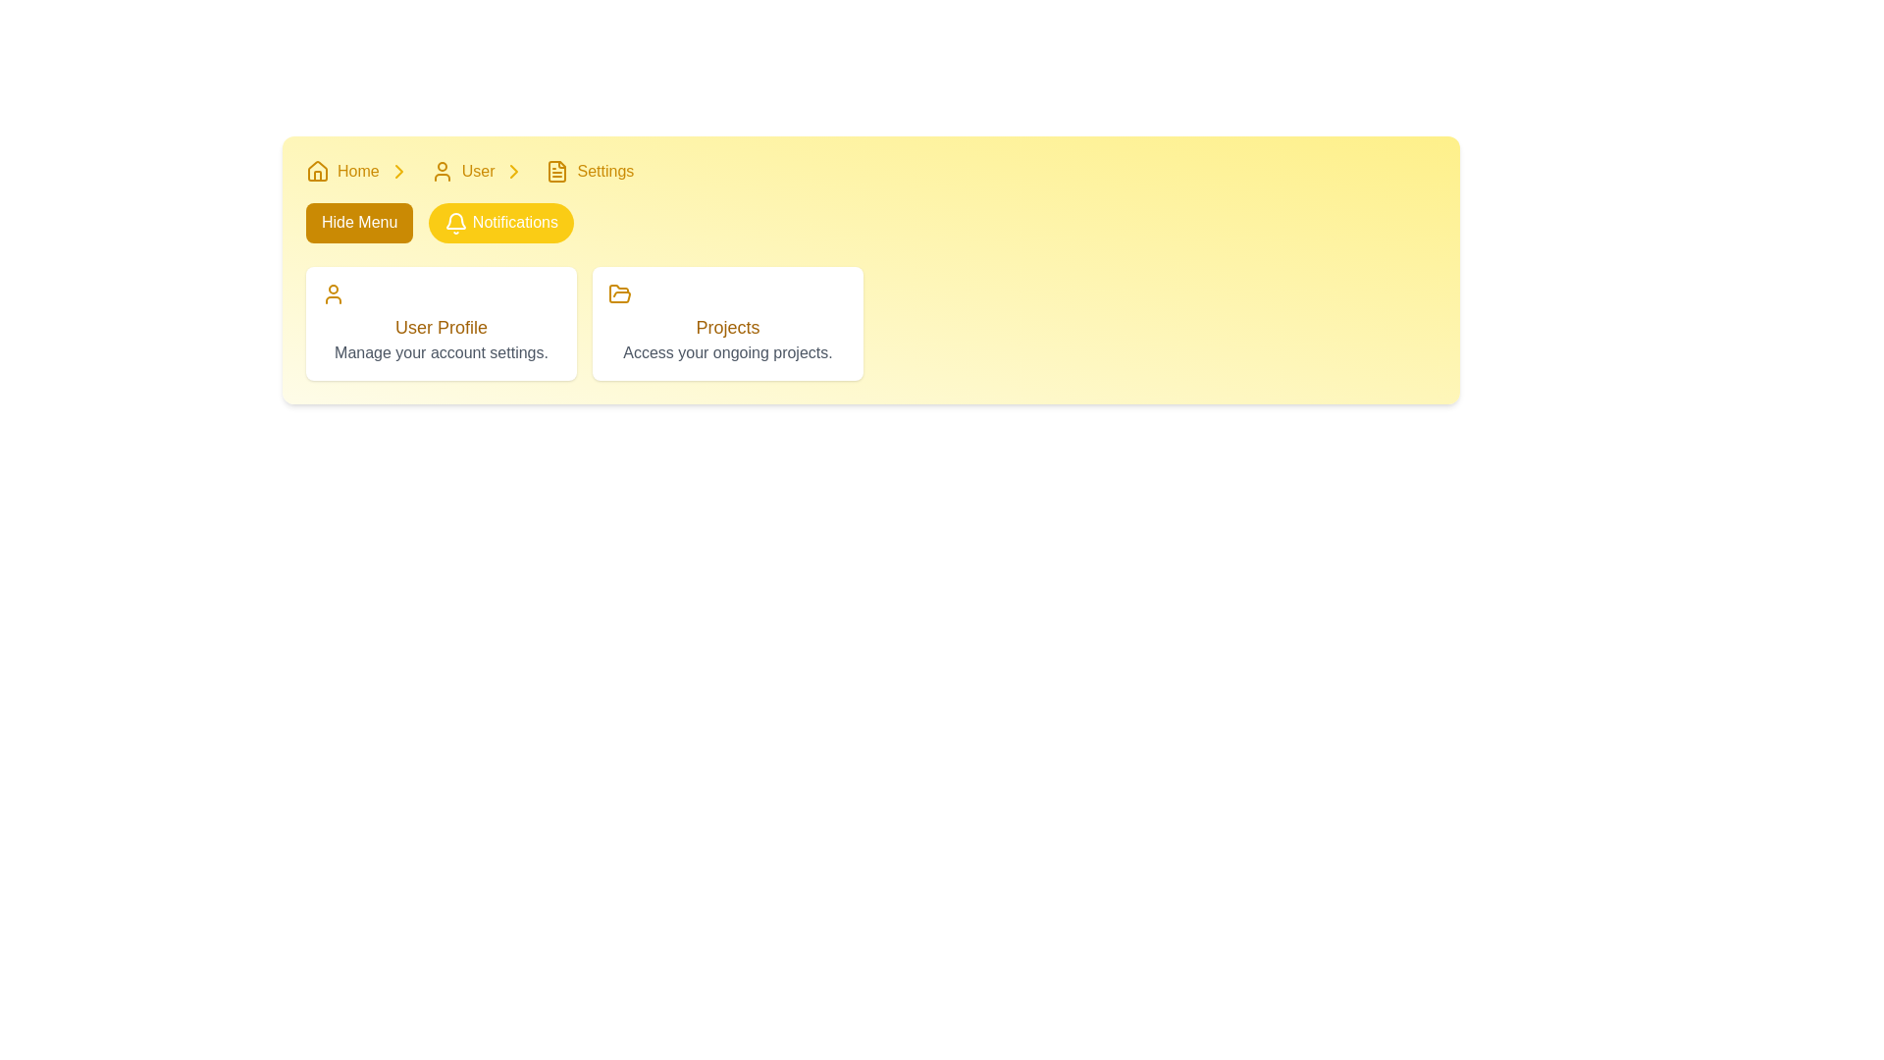 Image resolution: width=1884 pixels, height=1060 pixels. Describe the element at coordinates (455, 221) in the screenshot. I see `the 'Notifications' button, which is represented by a graphical icon in SVG format, located towards the upper-center area of the interface inside the navigation bar` at that location.